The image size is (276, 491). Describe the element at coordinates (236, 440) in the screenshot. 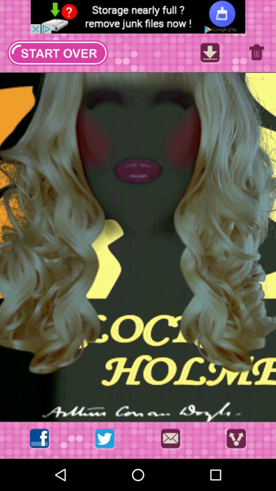

I see `share picture` at that location.